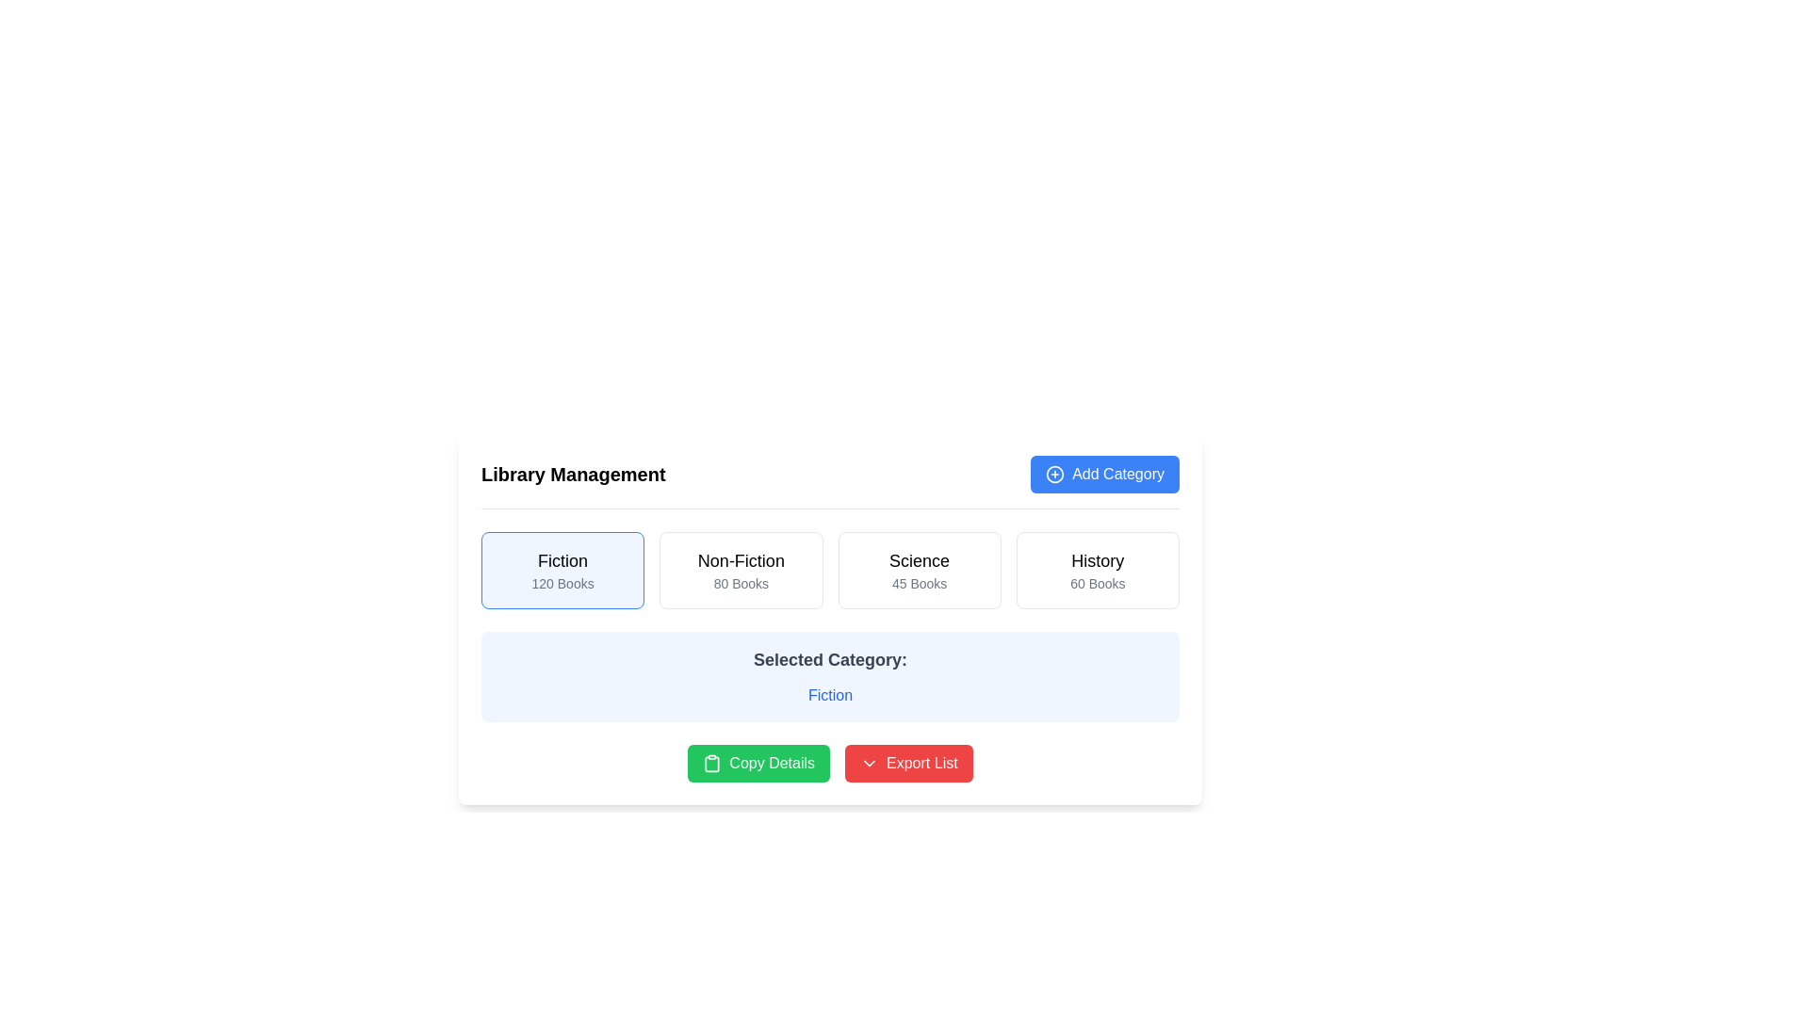 The image size is (1809, 1017). Describe the element at coordinates (711, 763) in the screenshot. I see `the clipboard icon that symbolizes the 'Copy' action, located to the left of the 'Copy Details' text within a green rounded rectangle button` at that location.